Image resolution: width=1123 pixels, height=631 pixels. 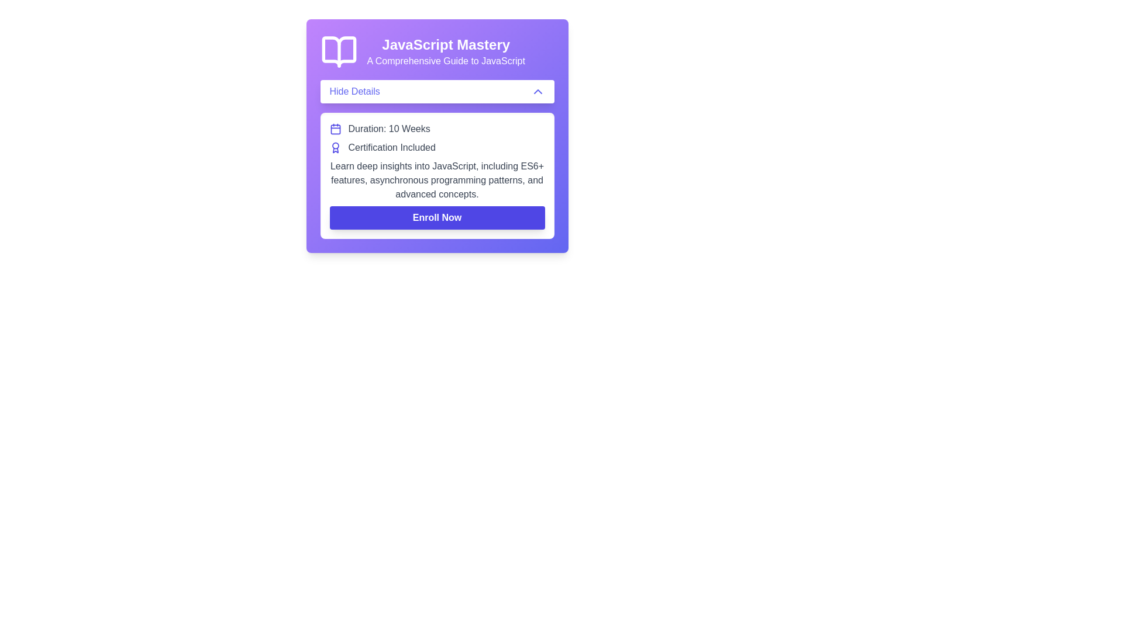 I want to click on the JavaScript course enrollment button located at the bottom of the card-like section to observe the hover effect, so click(x=436, y=218).